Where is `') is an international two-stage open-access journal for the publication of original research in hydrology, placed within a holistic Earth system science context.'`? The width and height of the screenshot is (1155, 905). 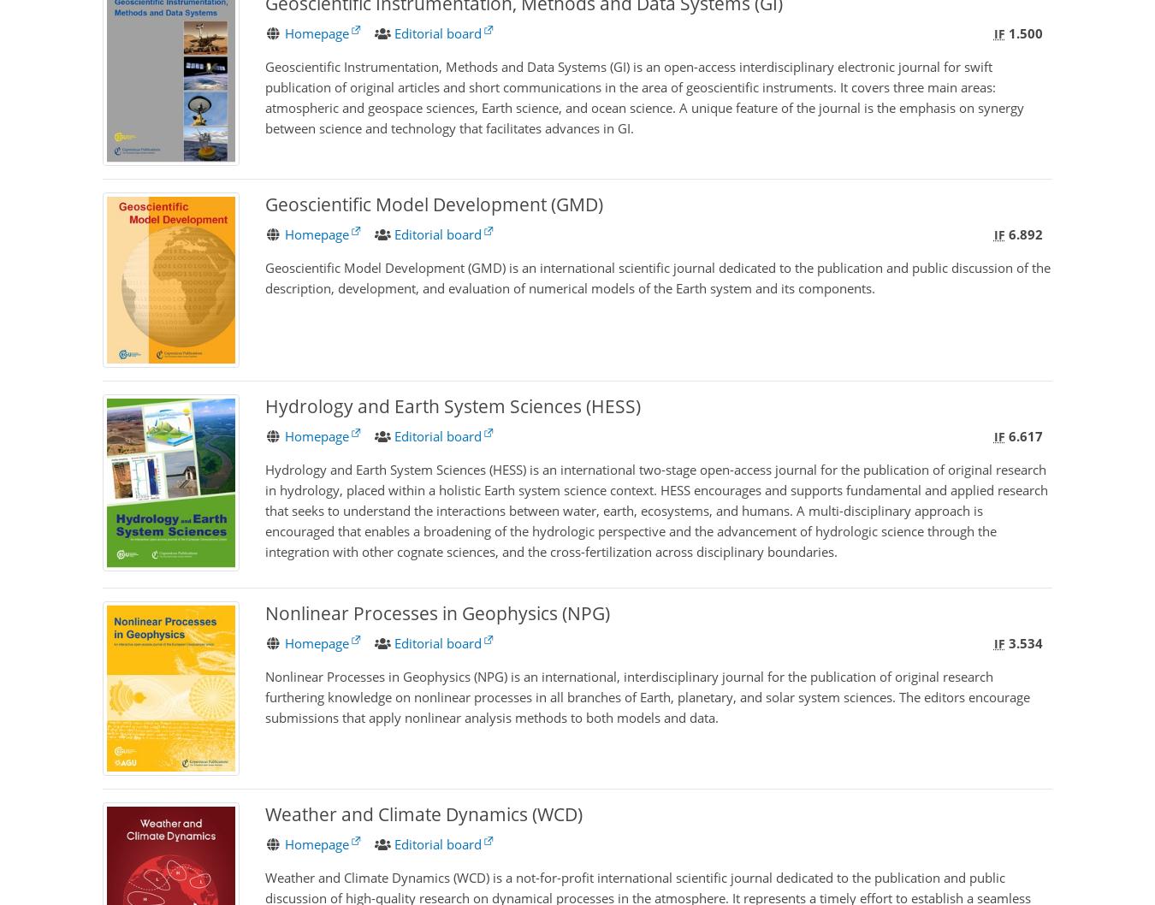 ') is an international two-stage open-access journal for the publication of original research in hydrology, placed within a holistic Earth system science context.' is located at coordinates (654, 478).